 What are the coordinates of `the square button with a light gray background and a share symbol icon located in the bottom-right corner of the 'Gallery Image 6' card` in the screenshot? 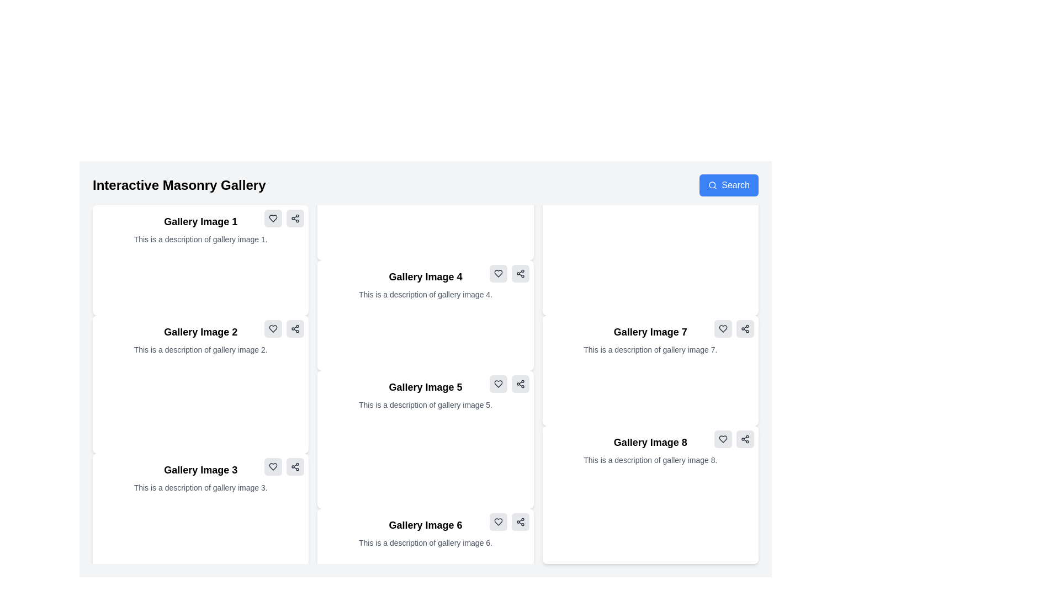 It's located at (520, 521).